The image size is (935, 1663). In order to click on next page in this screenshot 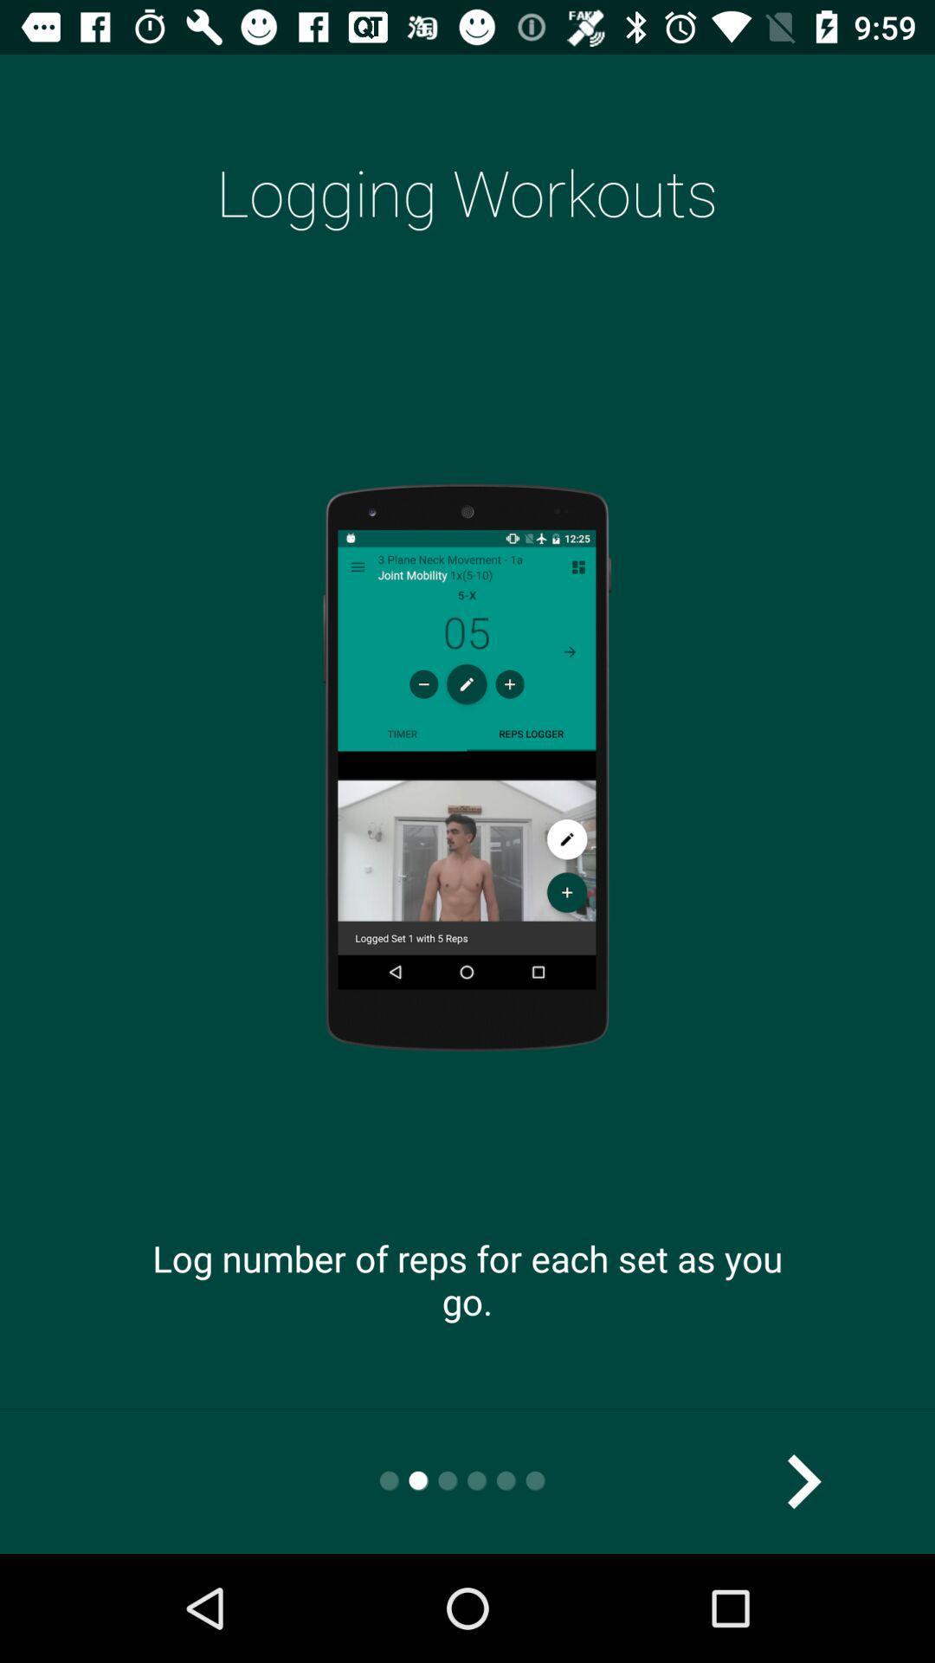, I will do `click(803, 1480)`.